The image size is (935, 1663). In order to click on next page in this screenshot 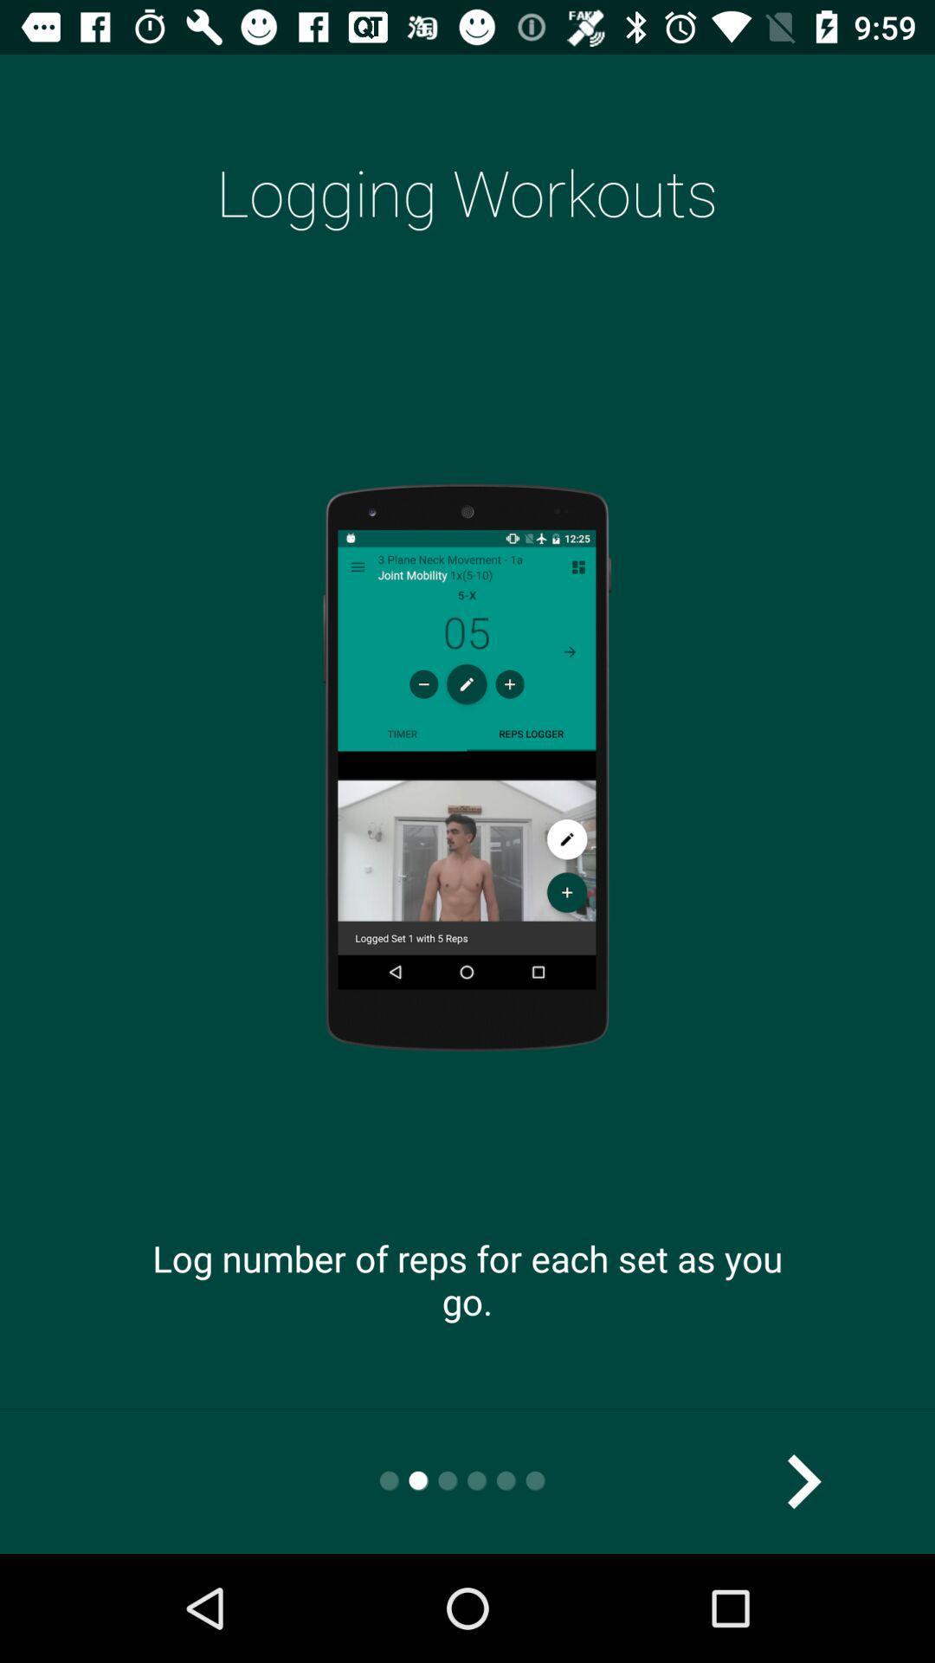, I will do `click(803, 1480)`.